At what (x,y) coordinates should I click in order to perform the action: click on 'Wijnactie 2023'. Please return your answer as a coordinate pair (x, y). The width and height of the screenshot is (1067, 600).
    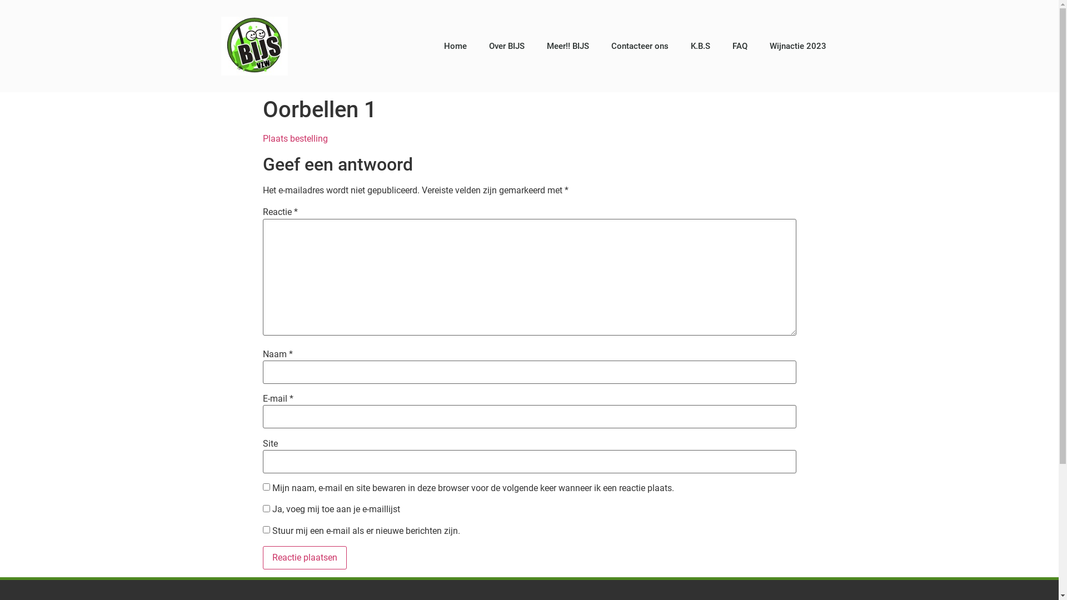
    Looking at the image, I should click on (797, 46).